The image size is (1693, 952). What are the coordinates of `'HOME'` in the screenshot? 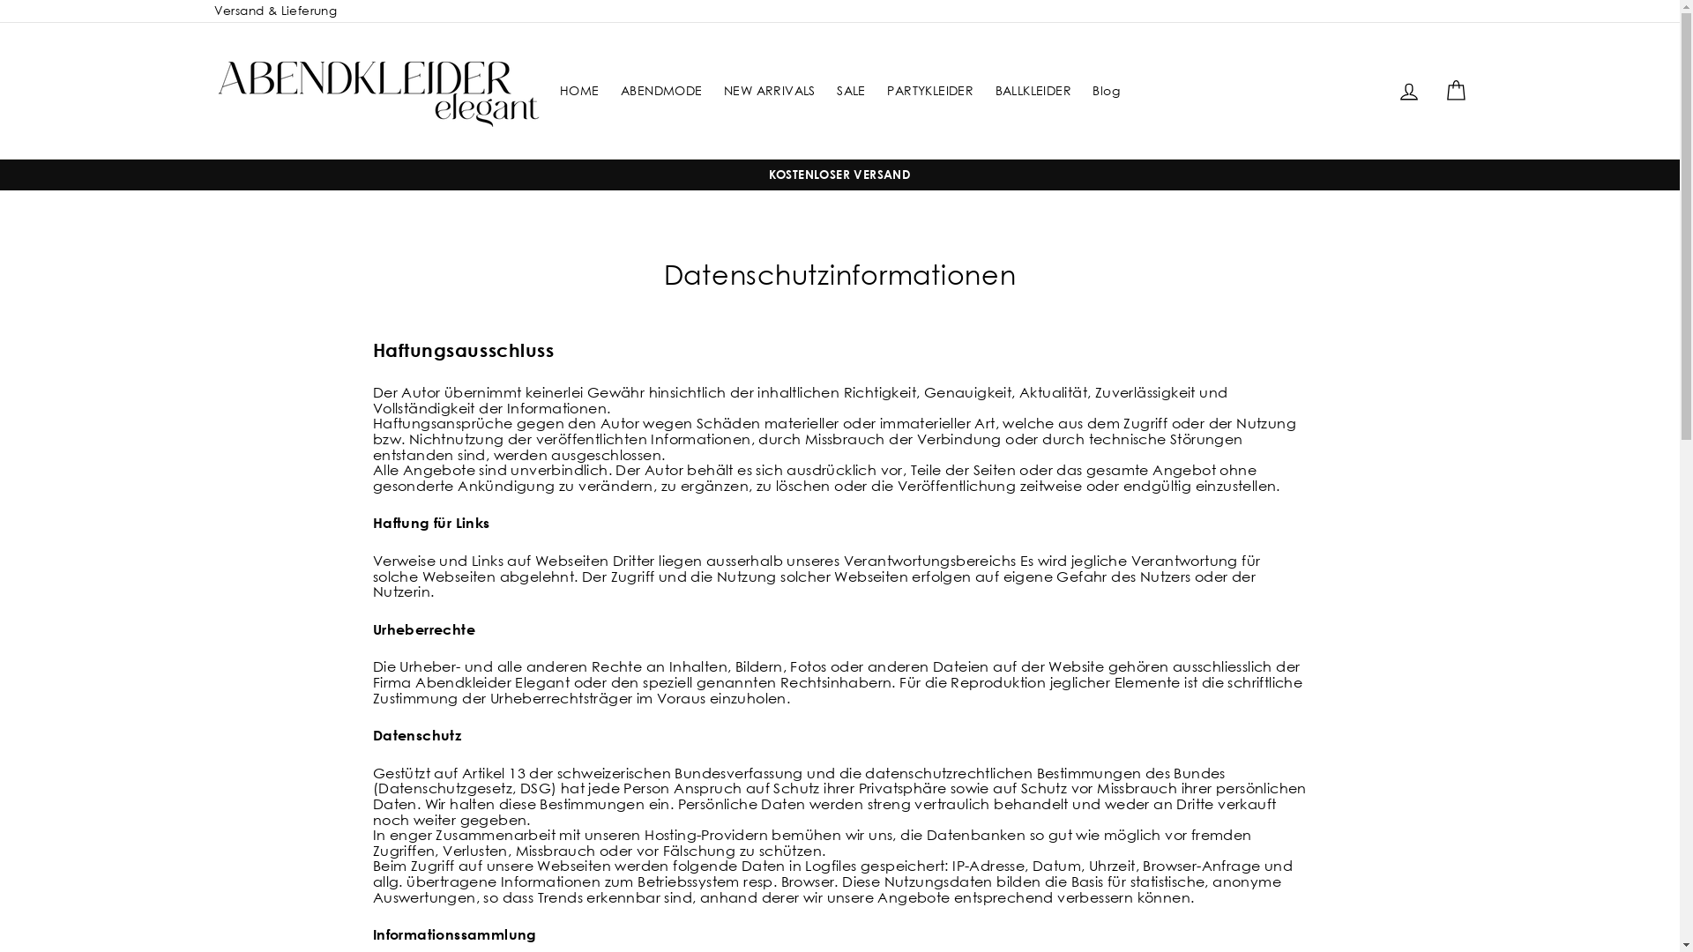 It's located at (579, 91).